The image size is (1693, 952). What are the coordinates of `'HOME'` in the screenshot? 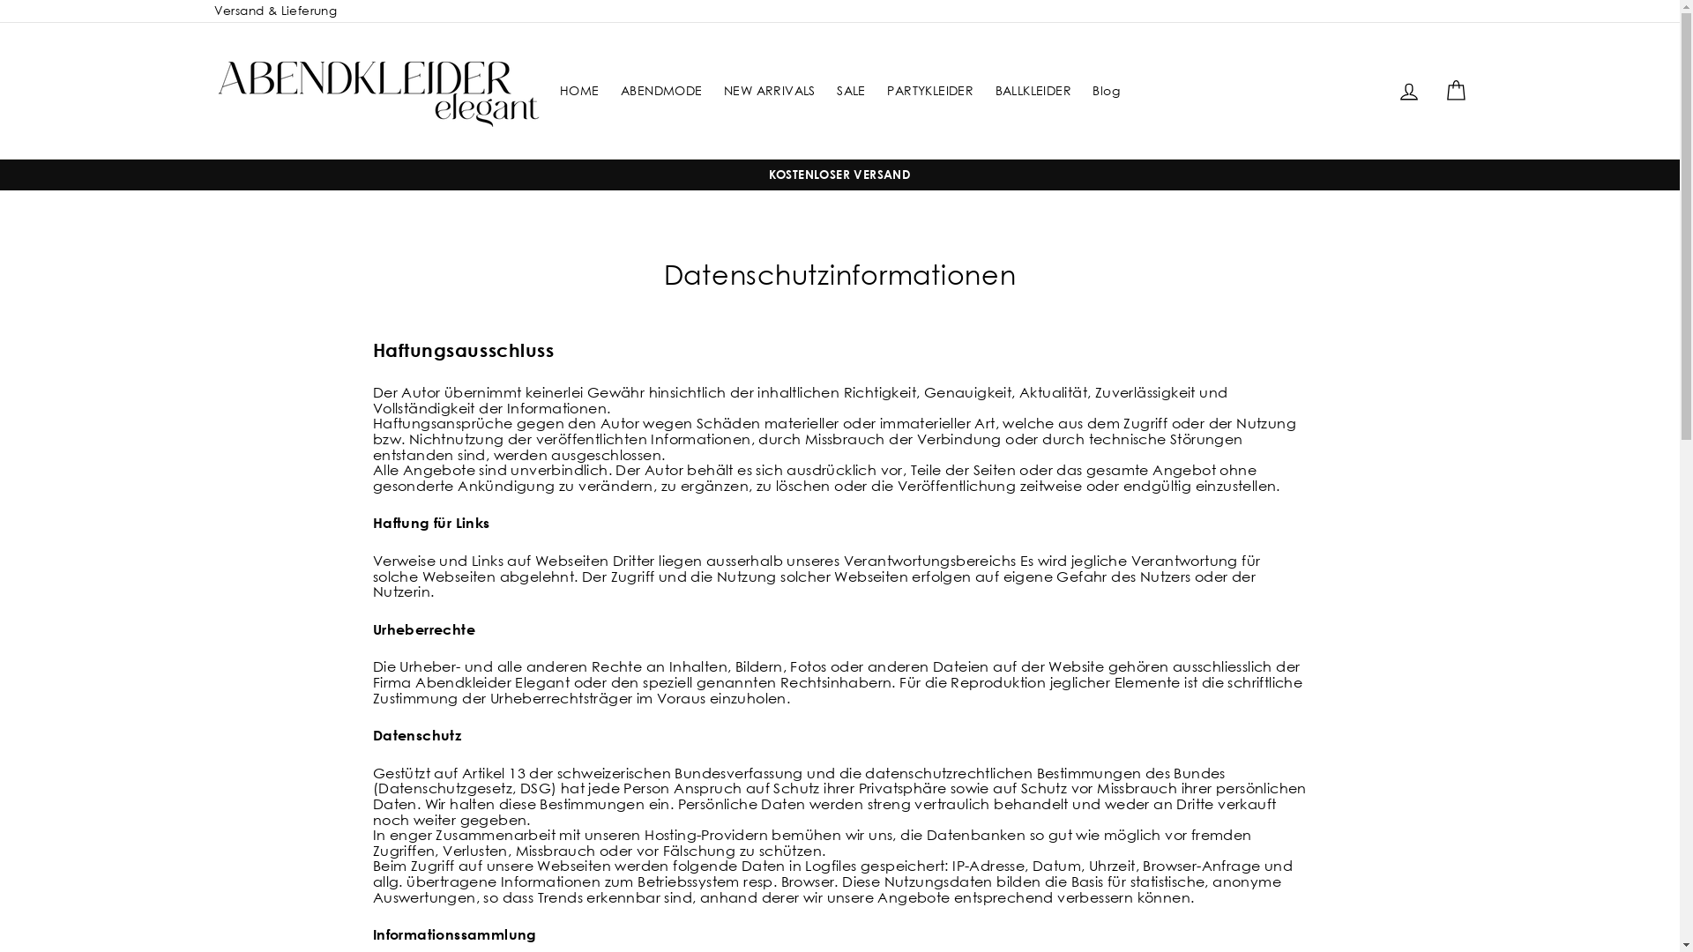 It's located at (579, 91).